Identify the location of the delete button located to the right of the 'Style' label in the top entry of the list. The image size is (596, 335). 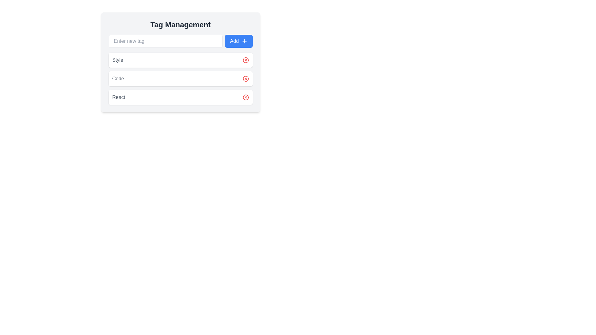
(245, 60).